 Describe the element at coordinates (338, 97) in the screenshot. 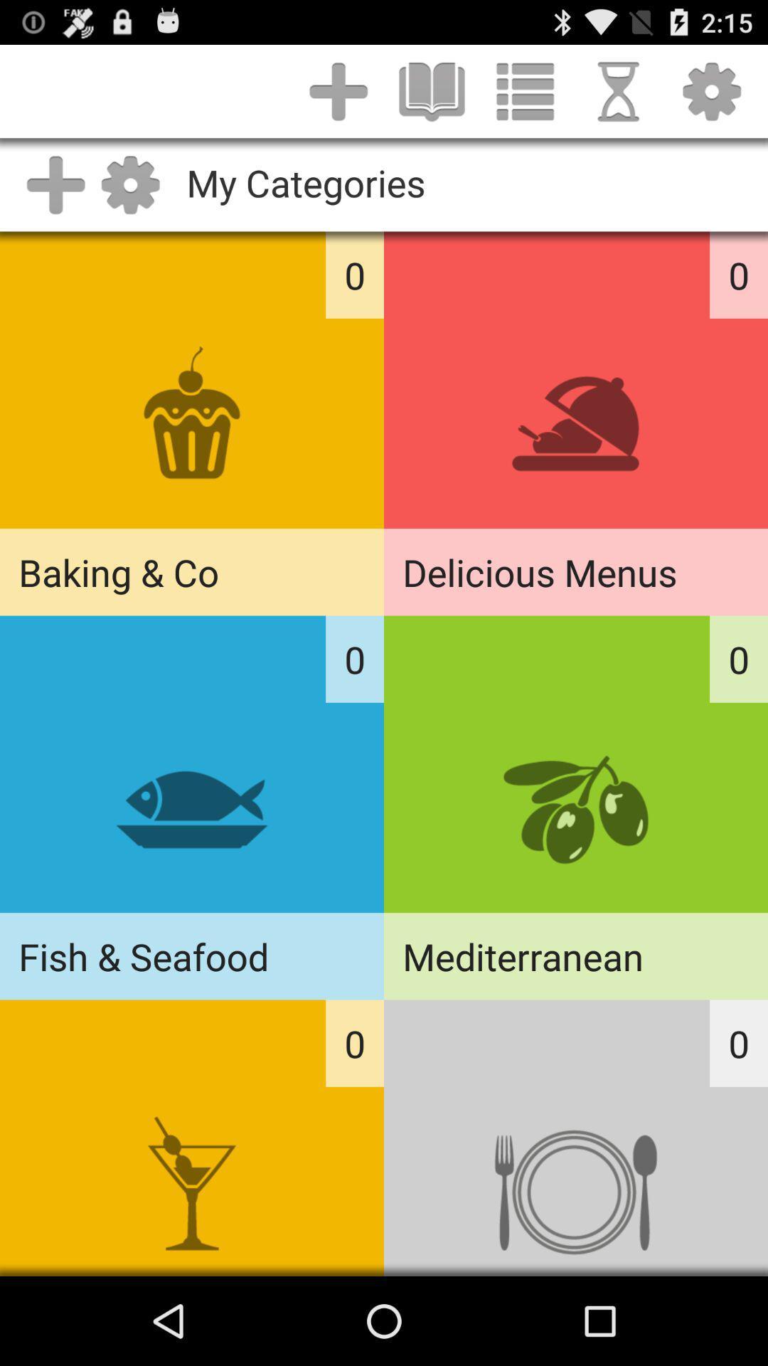

I see `the add icon` at that location.